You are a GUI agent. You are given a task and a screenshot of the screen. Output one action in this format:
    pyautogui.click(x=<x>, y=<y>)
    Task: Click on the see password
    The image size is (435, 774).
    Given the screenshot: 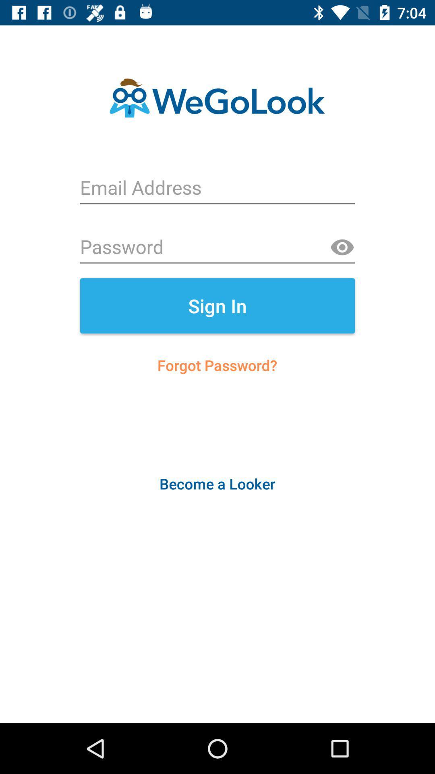 What is the action you would take?
    pyautogui.click(x=342, y=247)
    